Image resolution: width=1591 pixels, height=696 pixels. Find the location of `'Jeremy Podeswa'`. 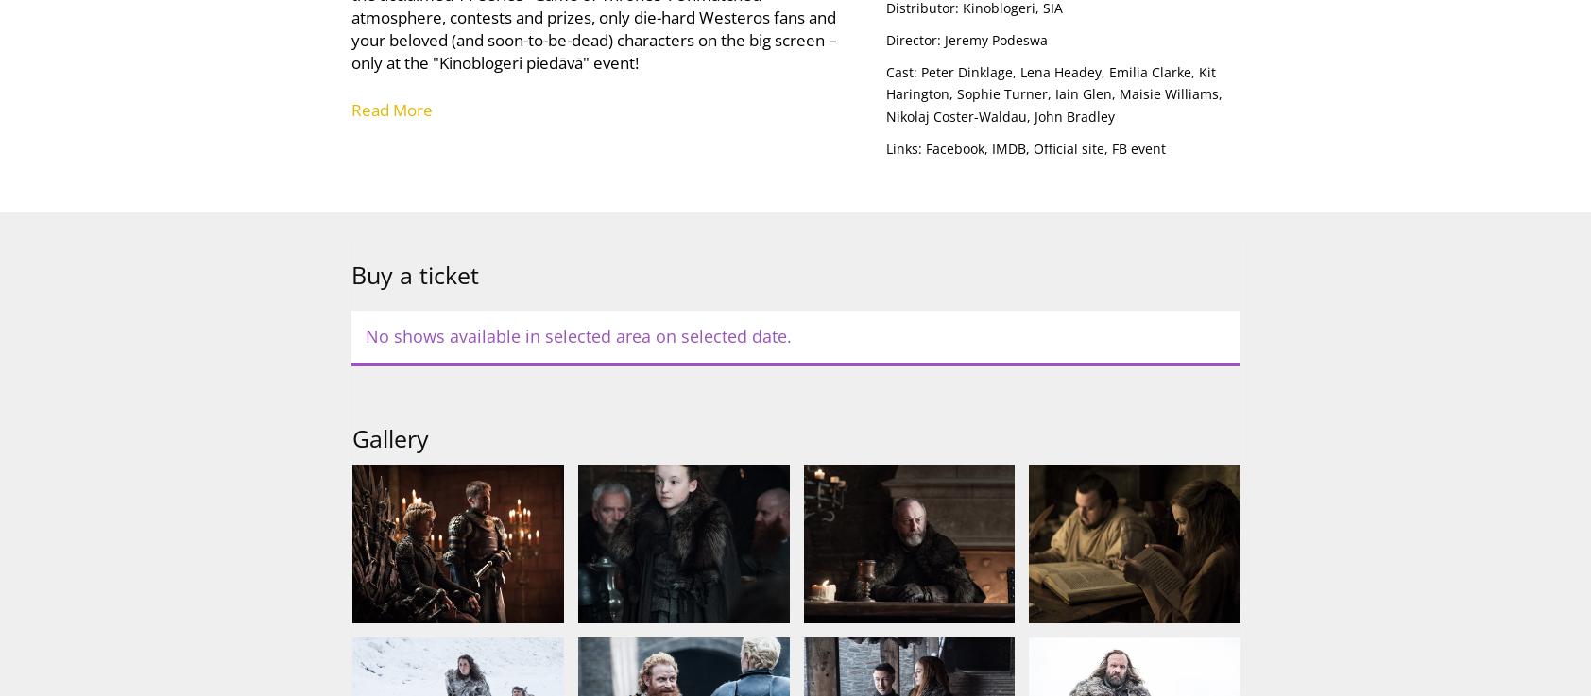

'Jeremy Podeswa' is located at coordinates (994, 38).